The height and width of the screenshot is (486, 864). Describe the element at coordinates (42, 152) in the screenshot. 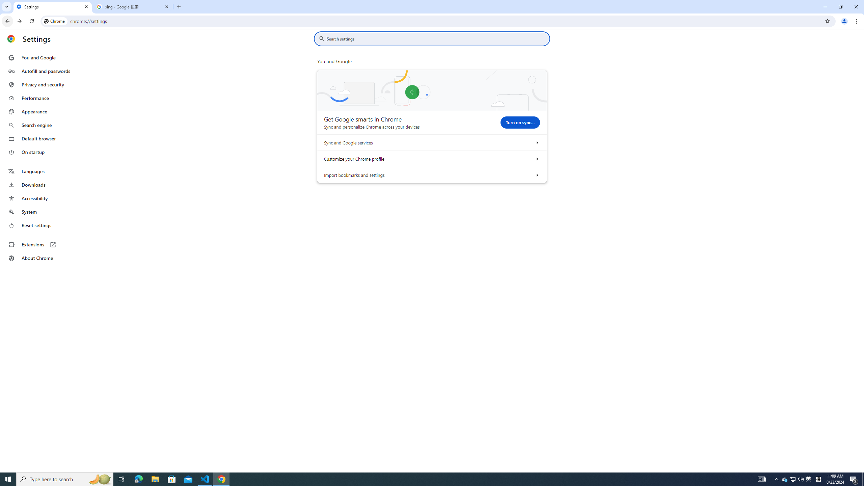

I see `'On startup'` at that location.